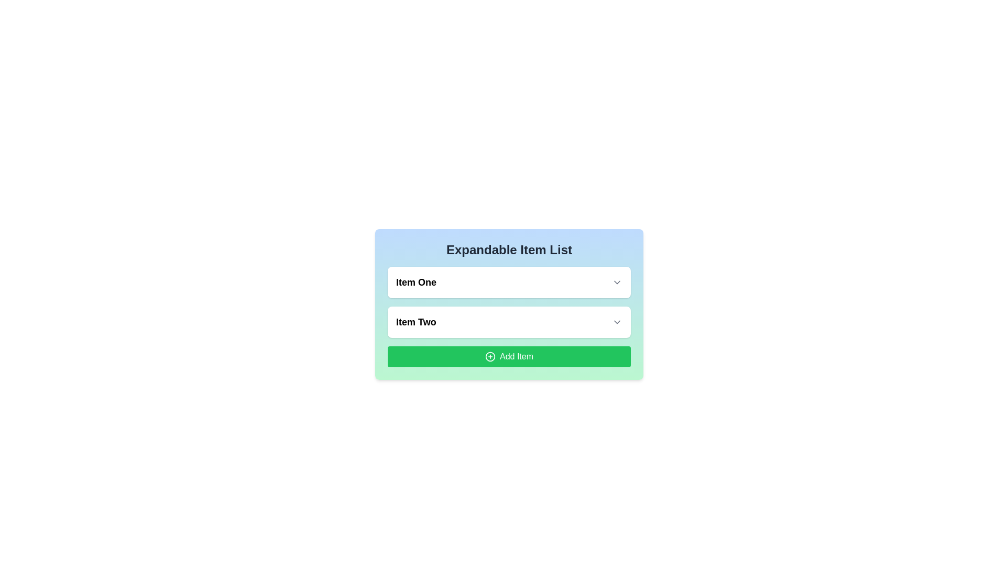 Image resolution: width=1006 pixels, height=565 pixels. Describe the element at coordinates (490, 356) in the screenshot. I see `the circular icon with a thin border and a central plus sign located in the middle of the green 'Add Item' button` at that location.